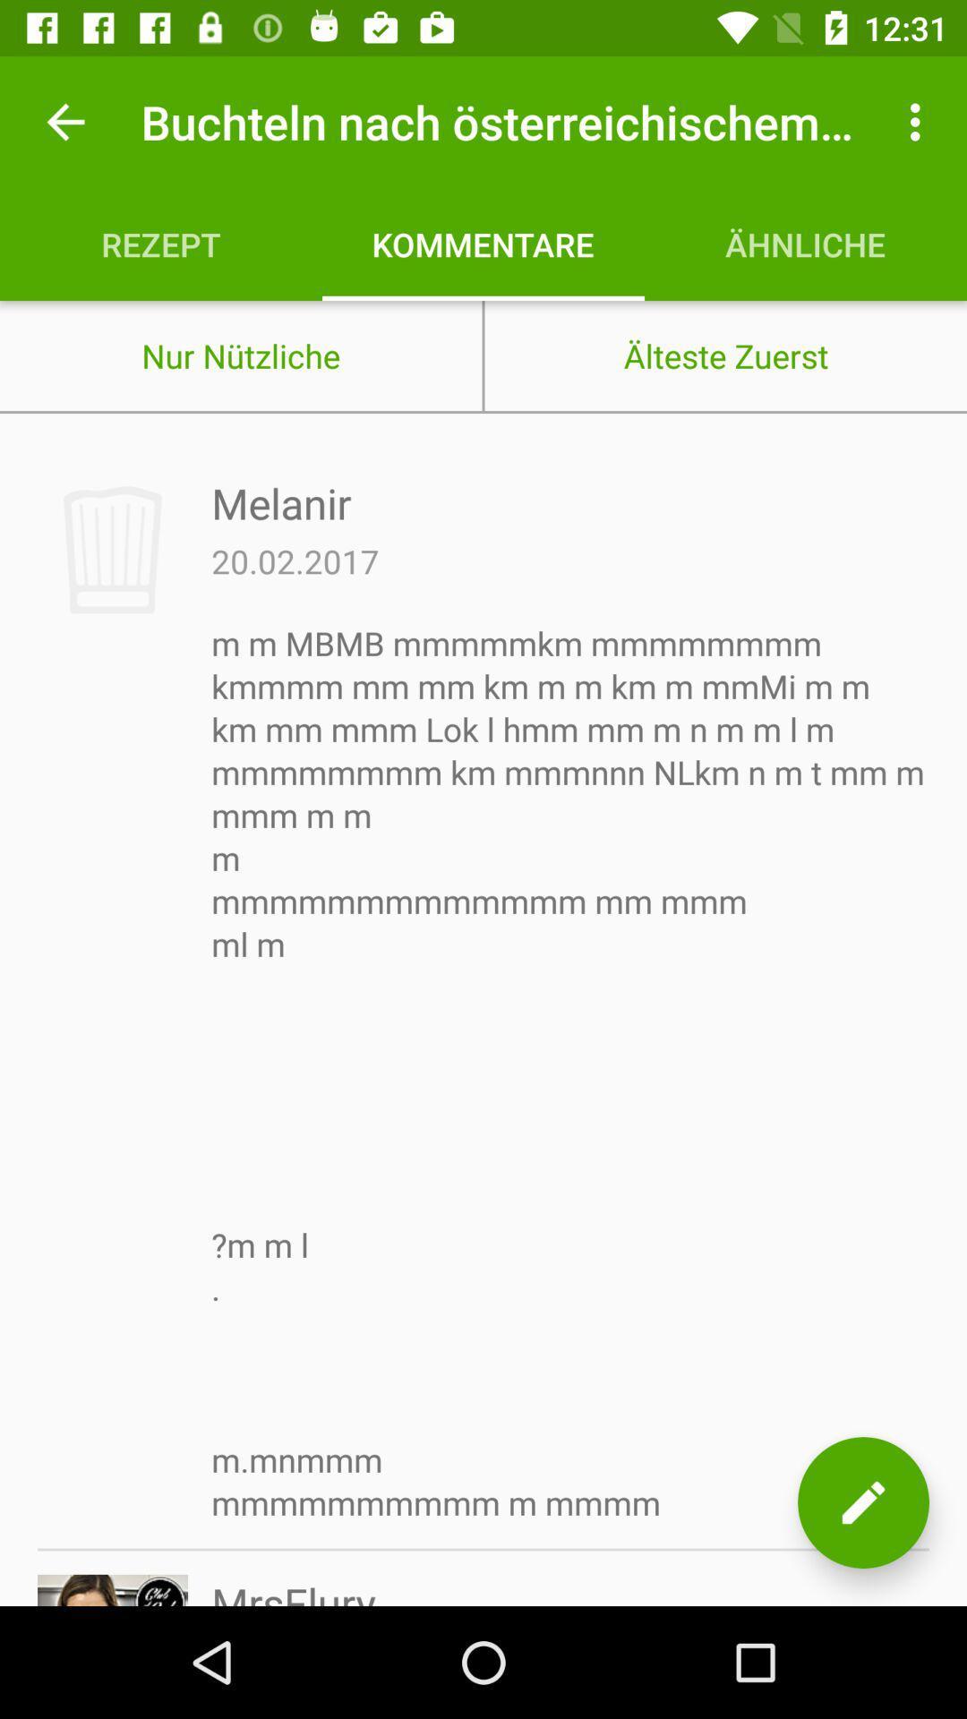 This screenshot has height=1719, width=967. What do you see at coordinates (570, 1073) in the screenshot?
I see `the item above mrsflury` at bounding box center [570, 1073].